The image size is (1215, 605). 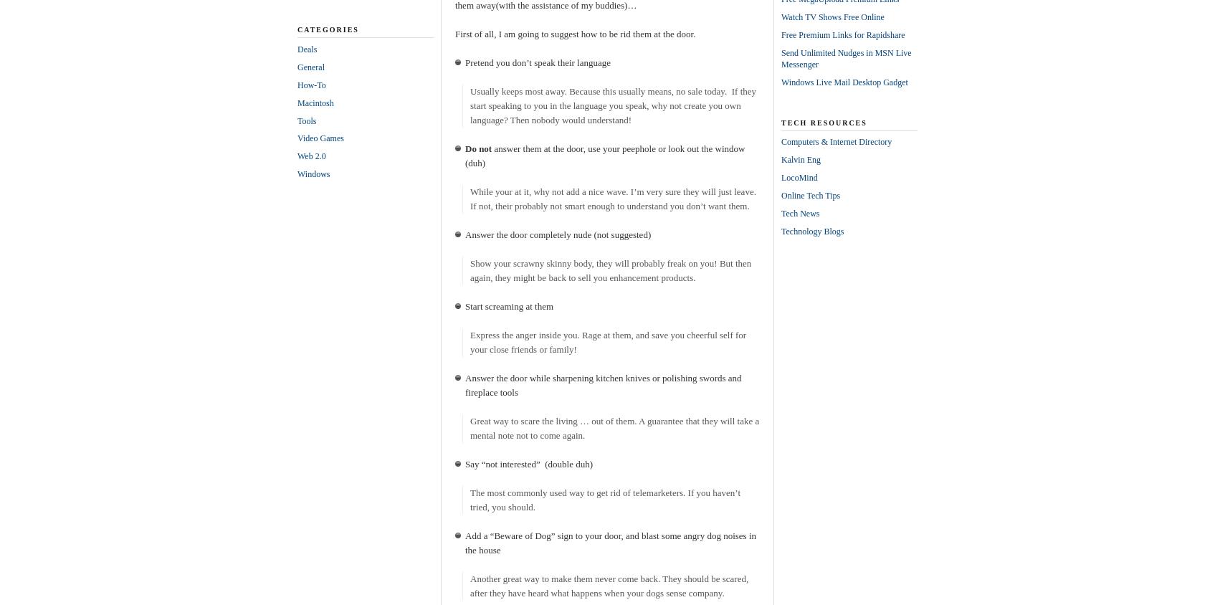 What do you see at coordinates (478, 148) in the screenshot?
I see `'Do not'` at bounding box center [478, 148].